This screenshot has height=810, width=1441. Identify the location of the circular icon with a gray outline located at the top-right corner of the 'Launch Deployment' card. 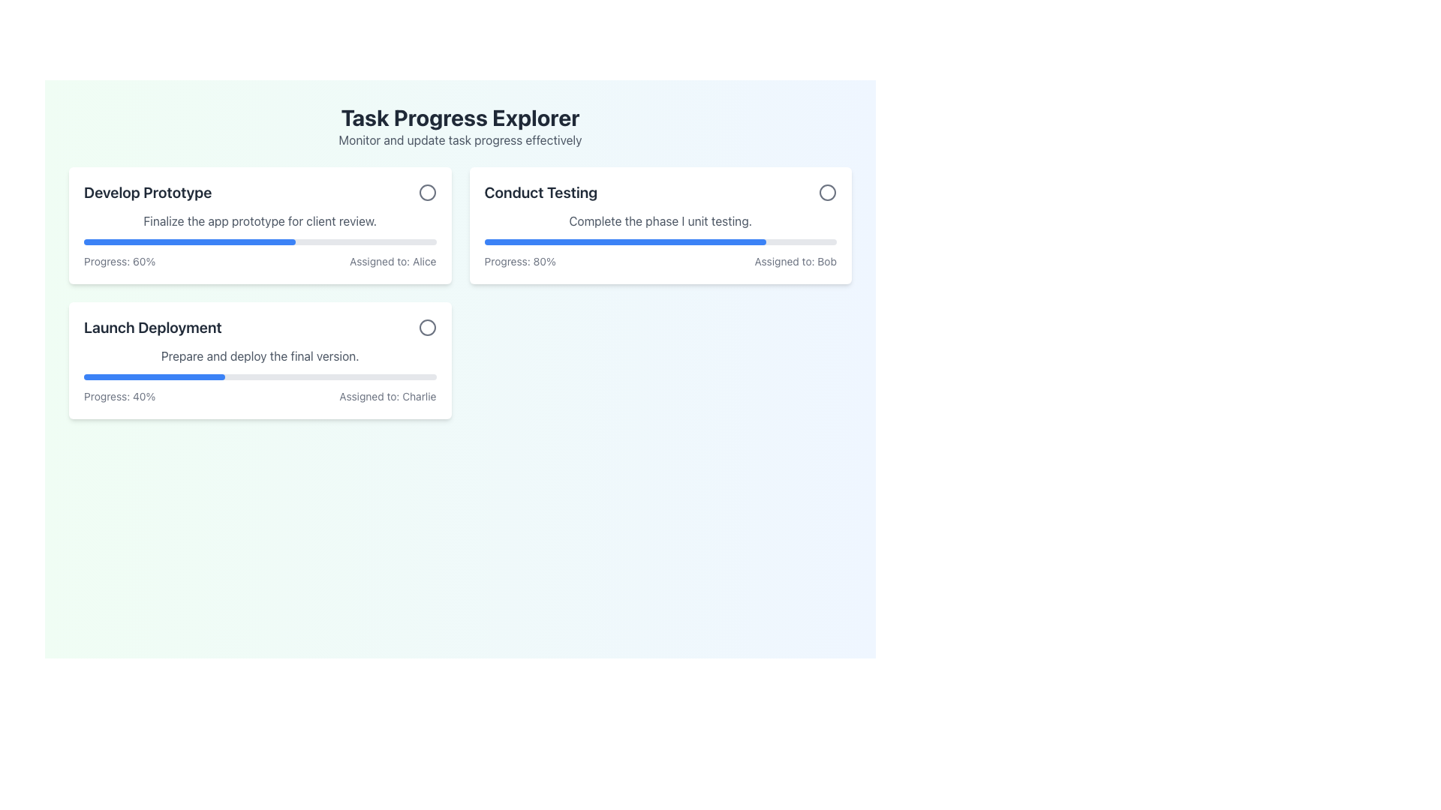
(426, 326).